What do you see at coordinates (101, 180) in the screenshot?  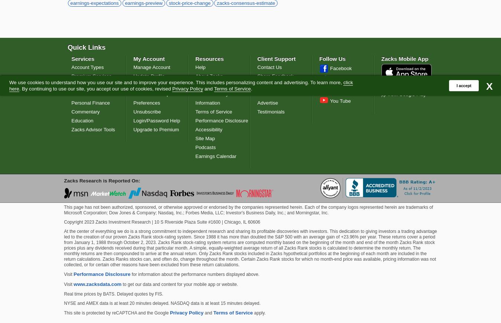 I see `'Zacks Research is Reported On:'` at bounding box center [101, 180].